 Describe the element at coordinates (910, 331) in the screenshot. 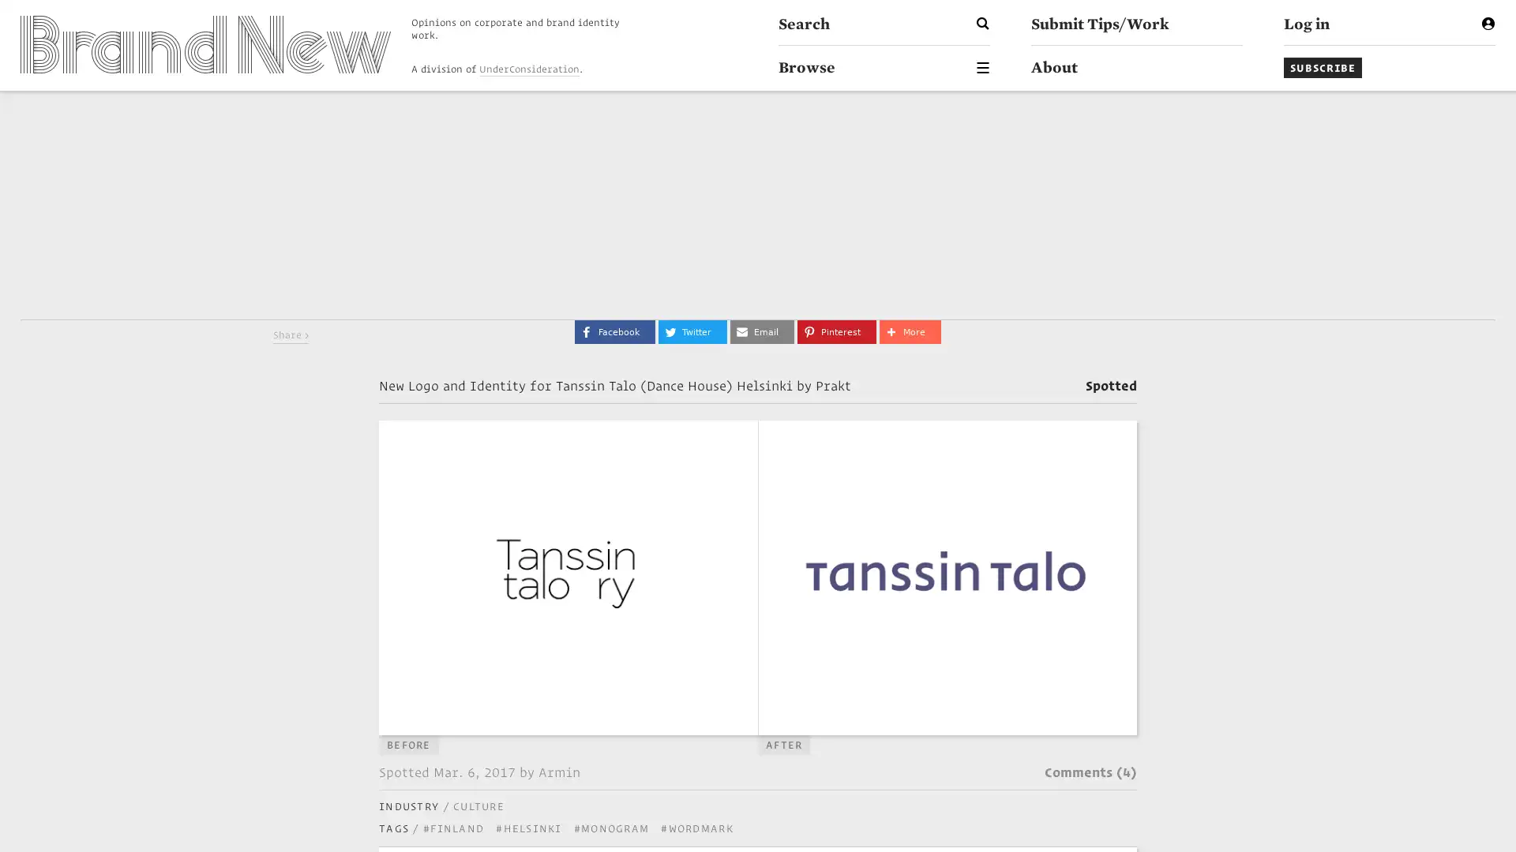

I see `Share to More More` at that location.